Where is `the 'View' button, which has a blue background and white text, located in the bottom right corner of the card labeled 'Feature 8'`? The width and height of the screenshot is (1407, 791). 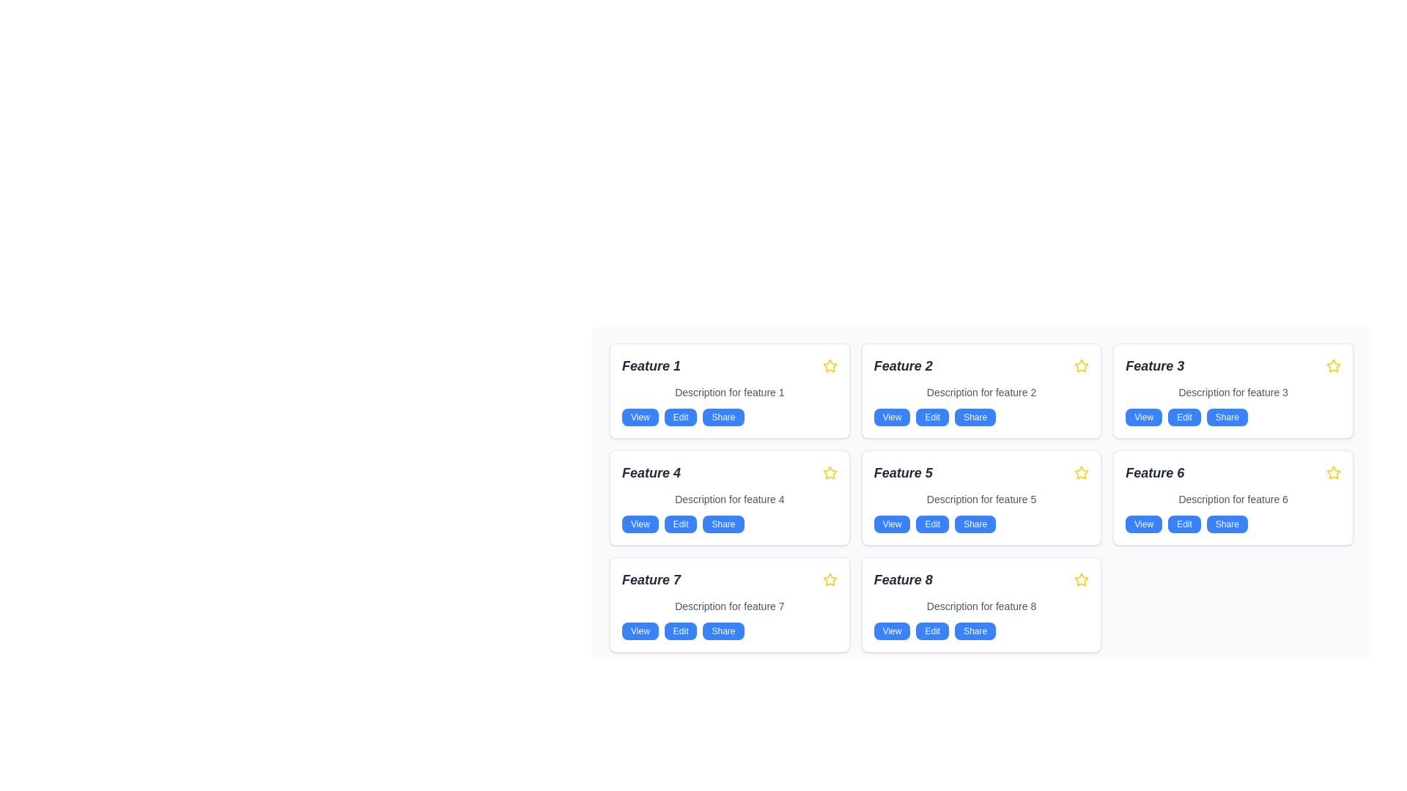 the 'View' button, which has a blue background and white text, located in the bottom right corner of the card labeled 'Feature 8' is located at coordinates (891, 630).